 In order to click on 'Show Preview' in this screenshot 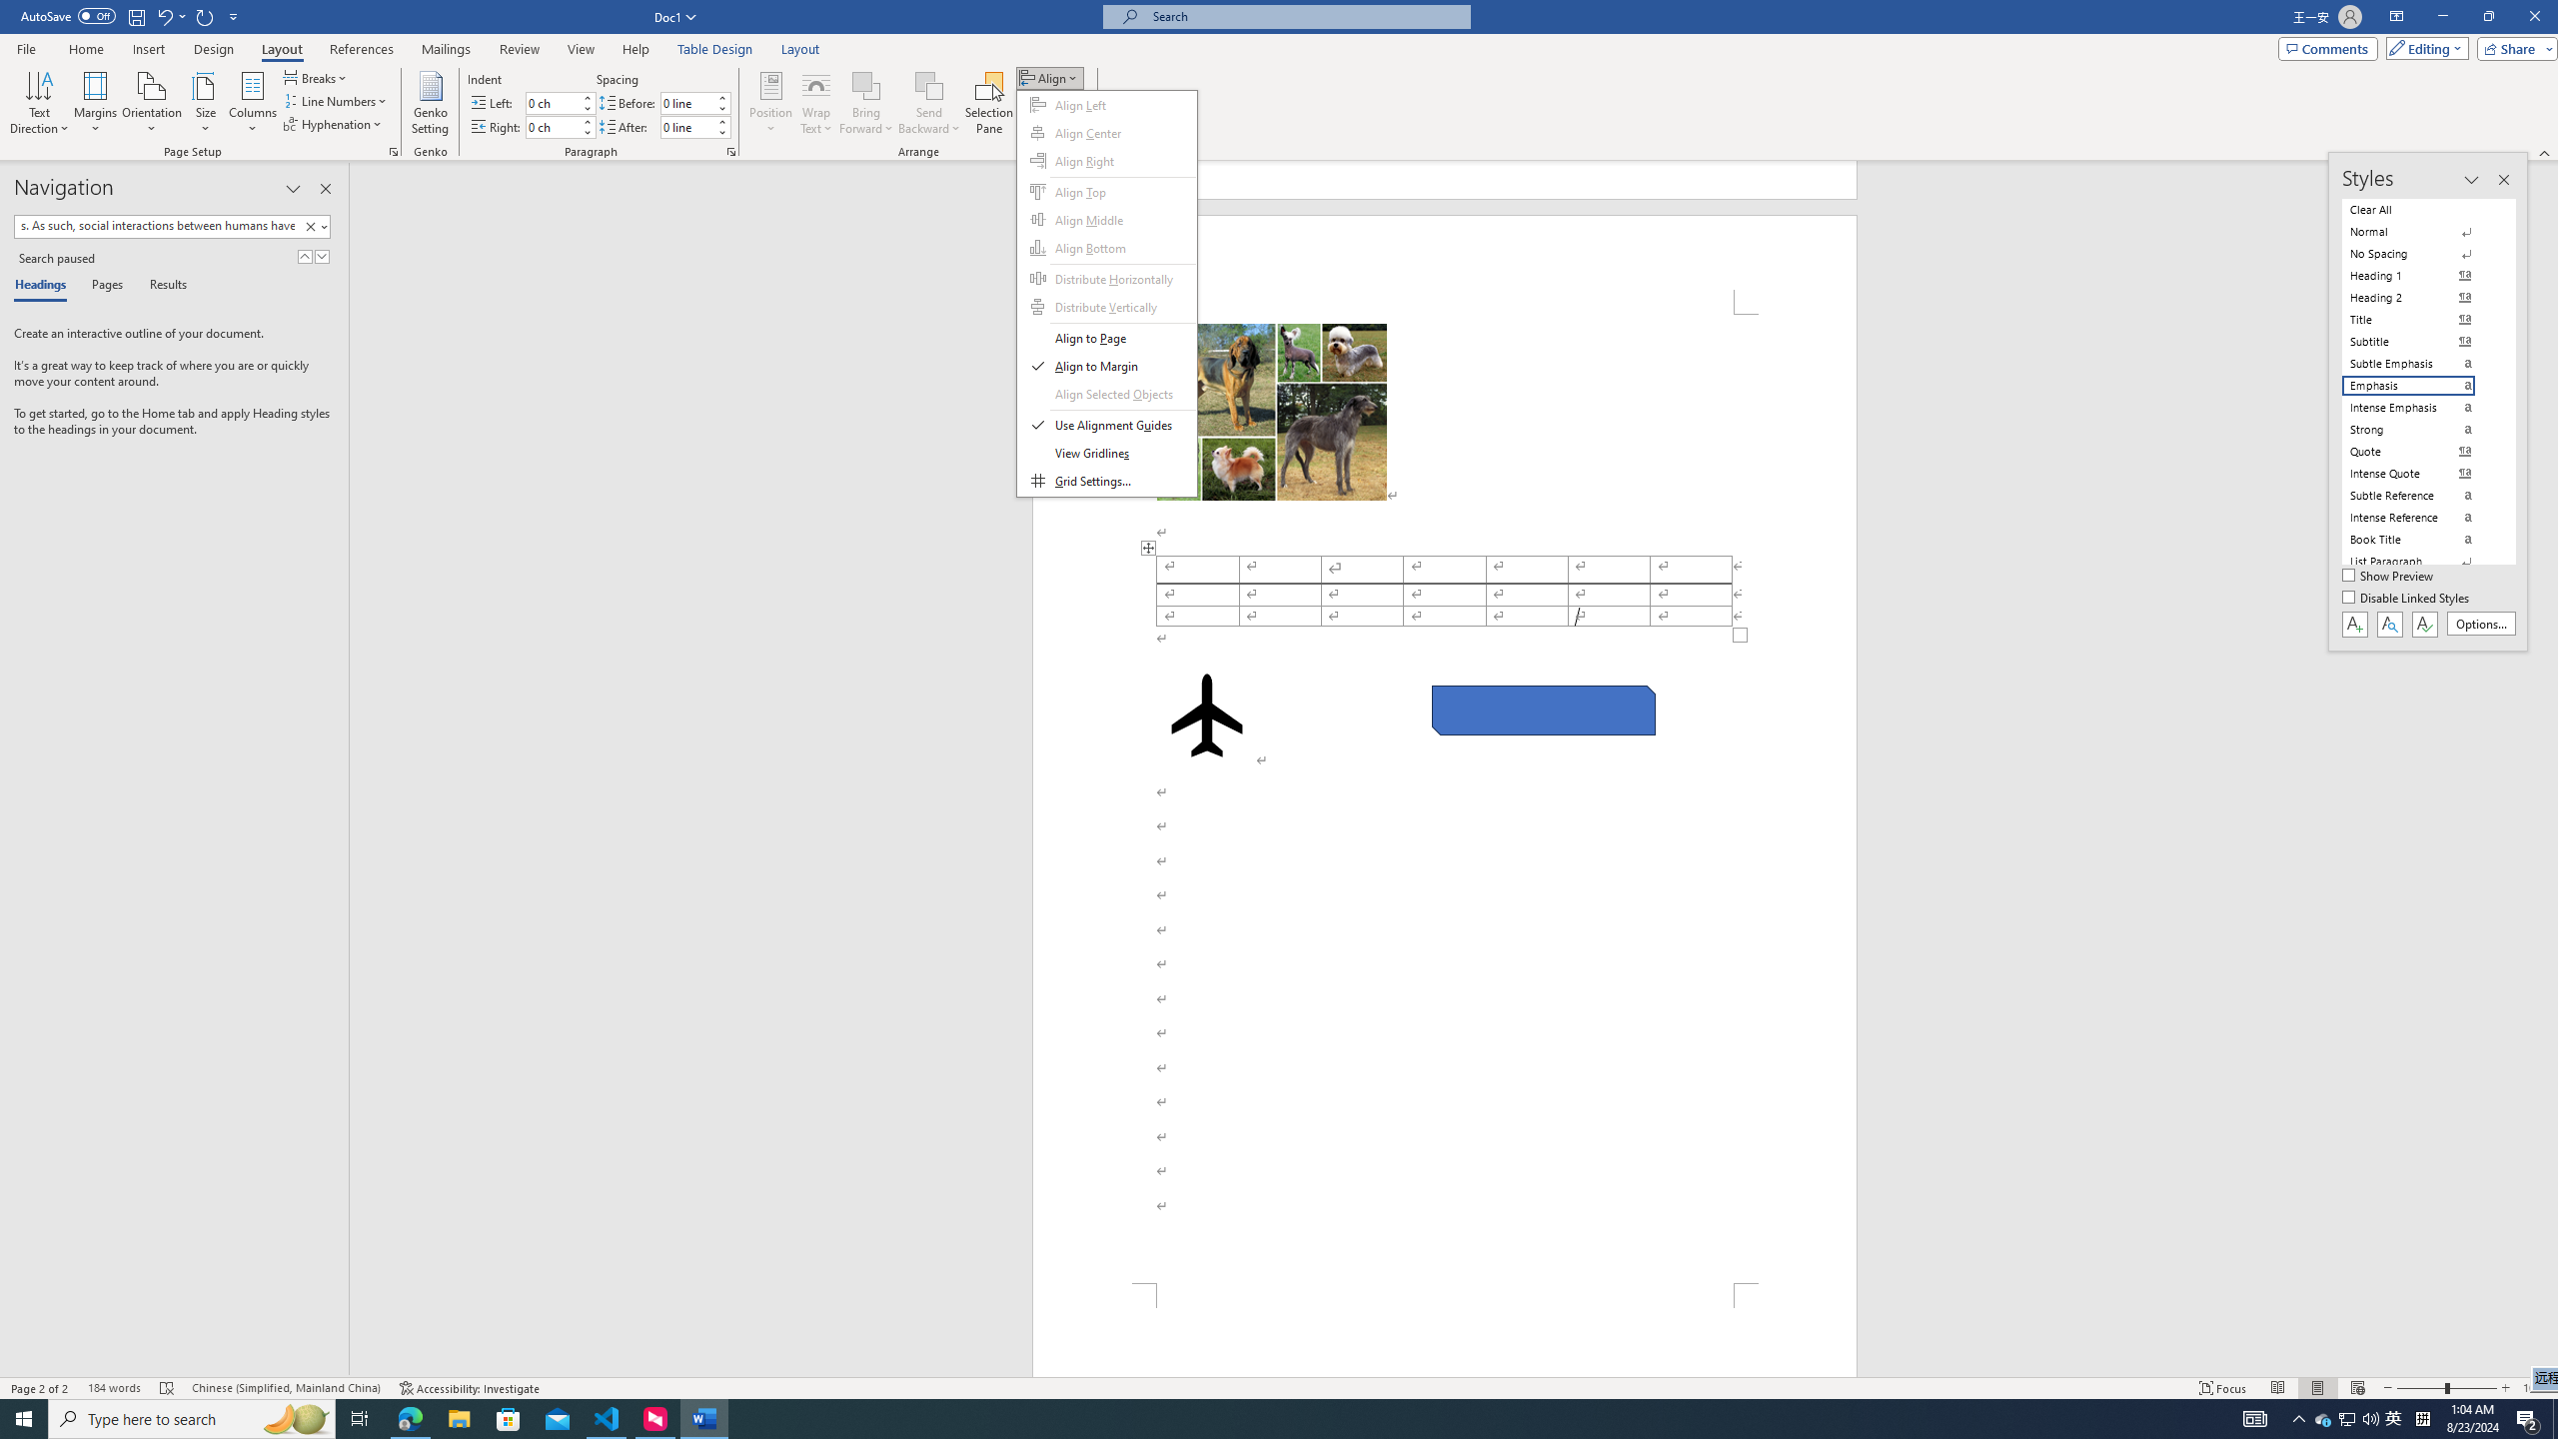, I will do `click(2390, 577)`.